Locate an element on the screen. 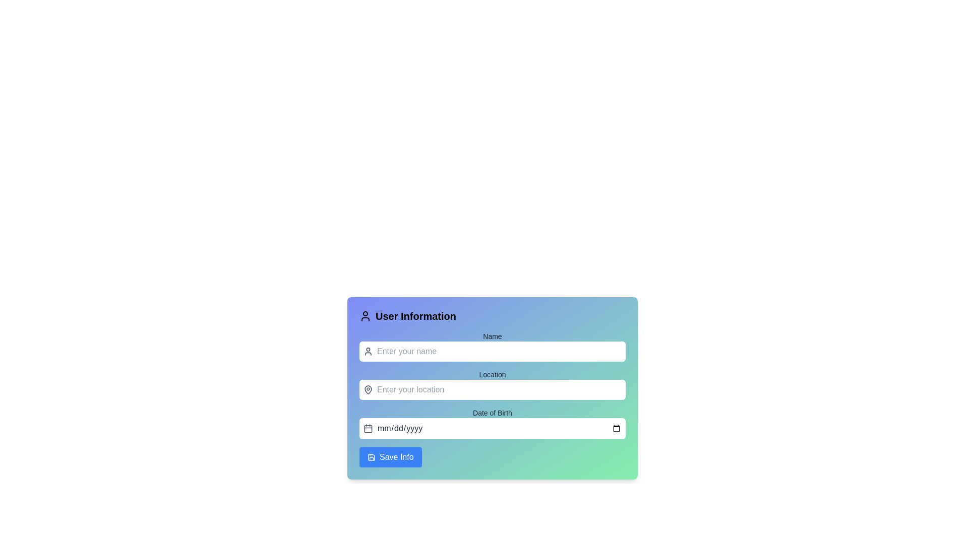 The image size is (968, 544). the human figure icon outlined in thin line style, located to the left of the text 'User Information' is located at coordinates (365, 316).